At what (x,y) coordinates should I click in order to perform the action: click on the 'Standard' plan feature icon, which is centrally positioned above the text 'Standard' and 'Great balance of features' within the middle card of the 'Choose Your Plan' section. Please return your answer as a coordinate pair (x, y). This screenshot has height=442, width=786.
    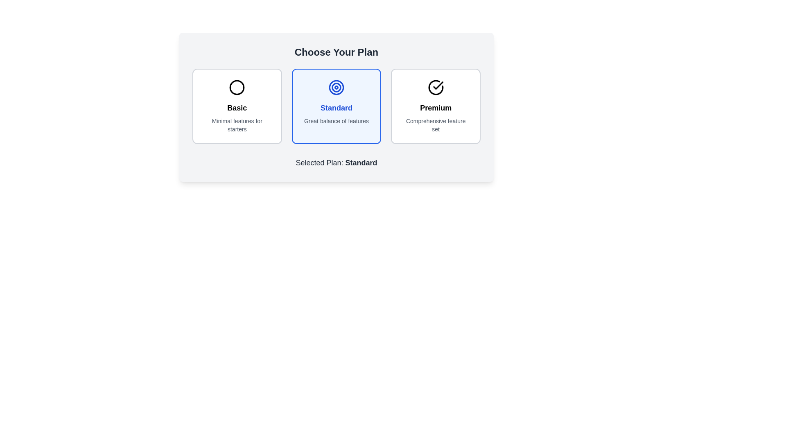
    Looking at the image, I should click on (336, 87).